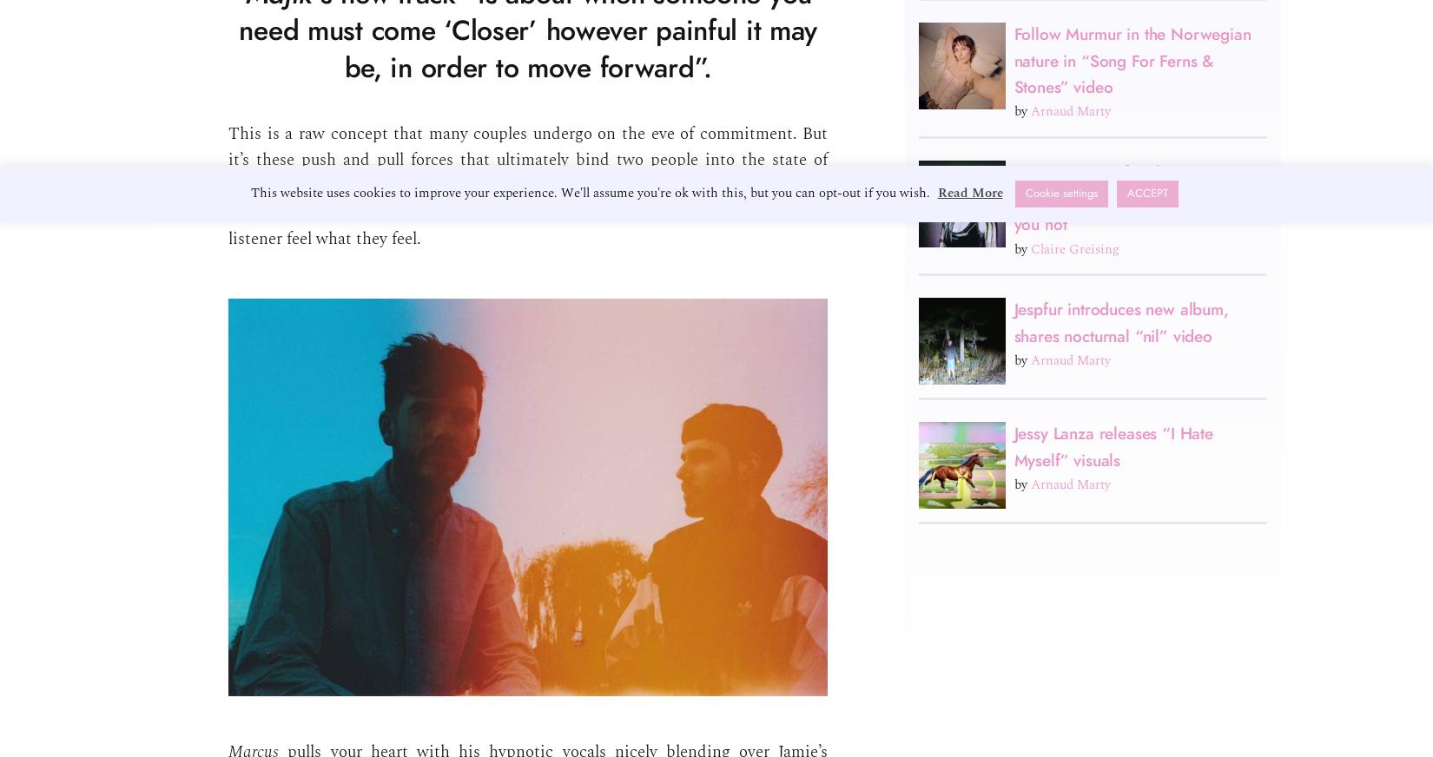 Image resolution: width=1433 pixels, height=757 pixels. I want to click on 'This is a raw concept that many couples undergo on the eve of commitment. But it’s these push and pull forces that ultimately bind two people into the state of “oneness”. In their music production, their goal is to make sure they capture their feelings and emotional depth in the sounds they create, in hopes of making the listener feel what they feel.', so click(527, 186).